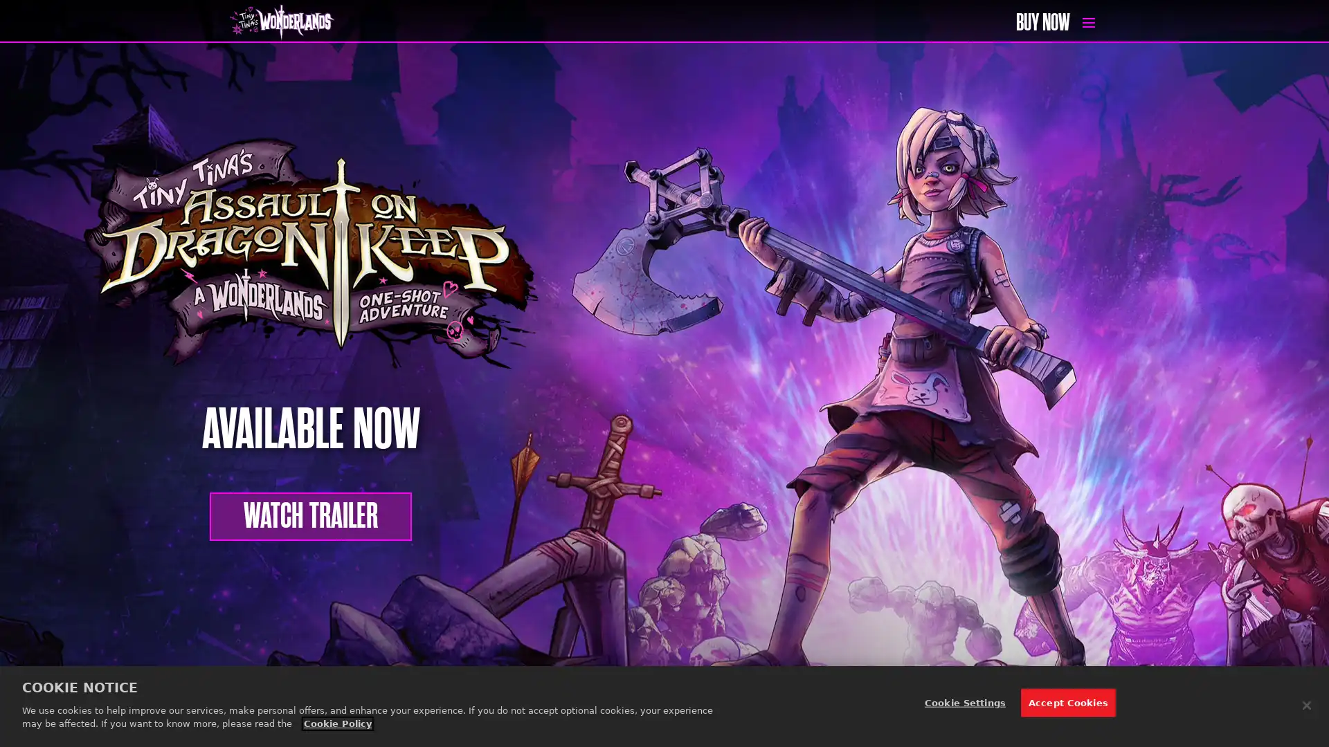 This screenshot has width=1329, height=747. What do you see at coordinates (1305, 704) in the screenshot?
I see `Close` at bounding box center [1305, 704].